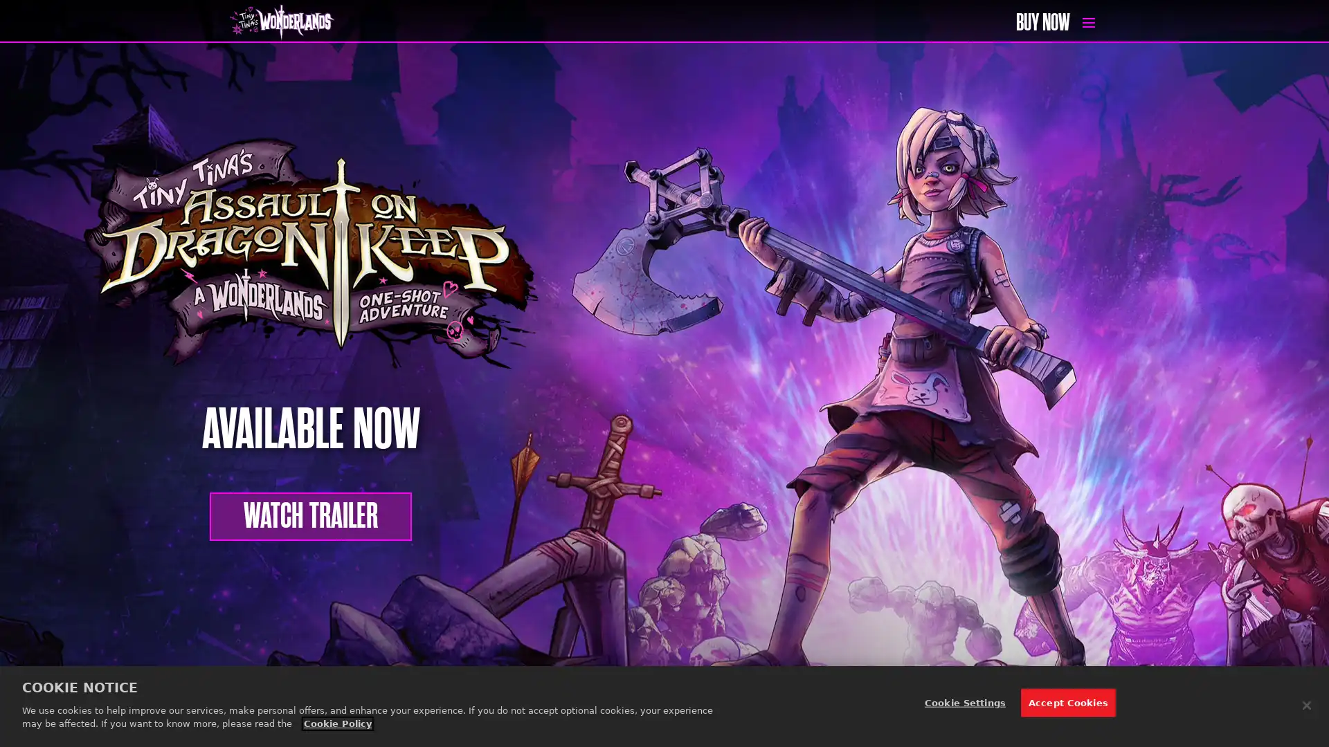 This screenshot has width=1329, height=747. What do you see at coordinates (1305, 704) in the screenshot?
I see `Close` at bounding box center [1305, 704].